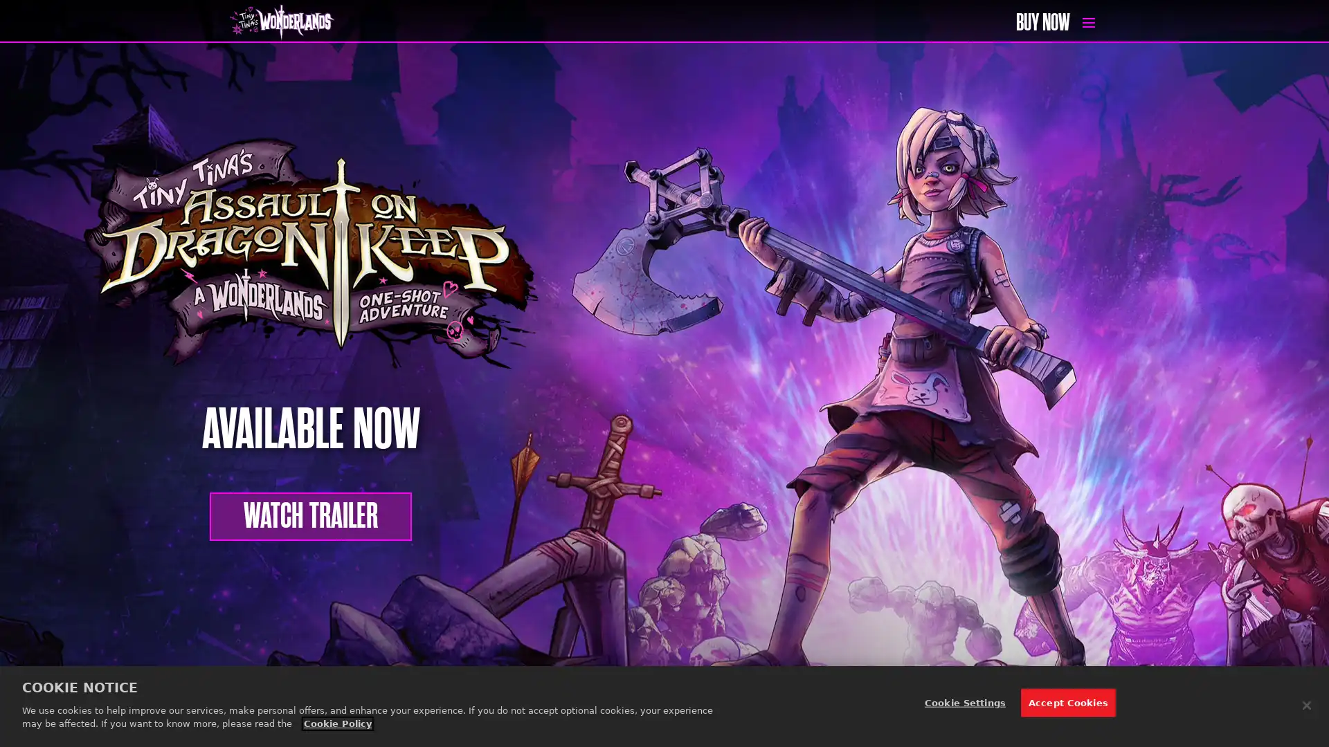 This screenshot has width=1329, height=747. What do you see at coordinates (1305, 704) in the screenshot?
I see `Close` at bounding box center [1305, 704].